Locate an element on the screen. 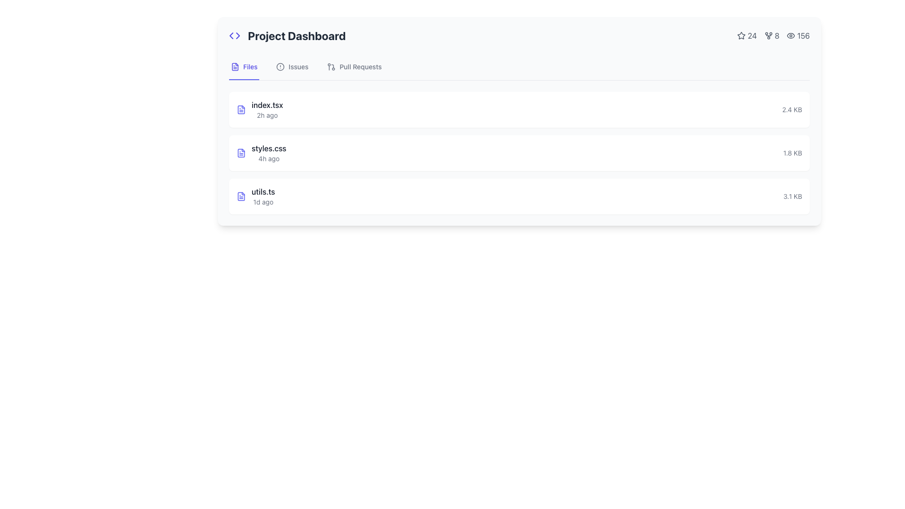  the left-pointing arrow SVG graphical element located at the top-left corner of the dashboard interface is located at coordinates (238, 35).